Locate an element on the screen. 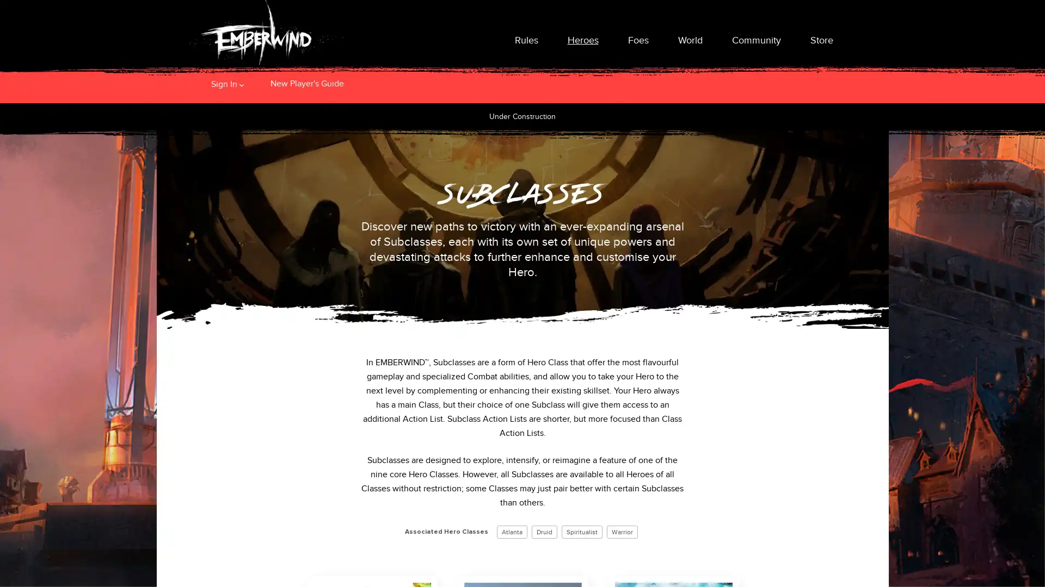 This screenshot has width=1045, height=587. Sign In is located at coordinates (223, 83).